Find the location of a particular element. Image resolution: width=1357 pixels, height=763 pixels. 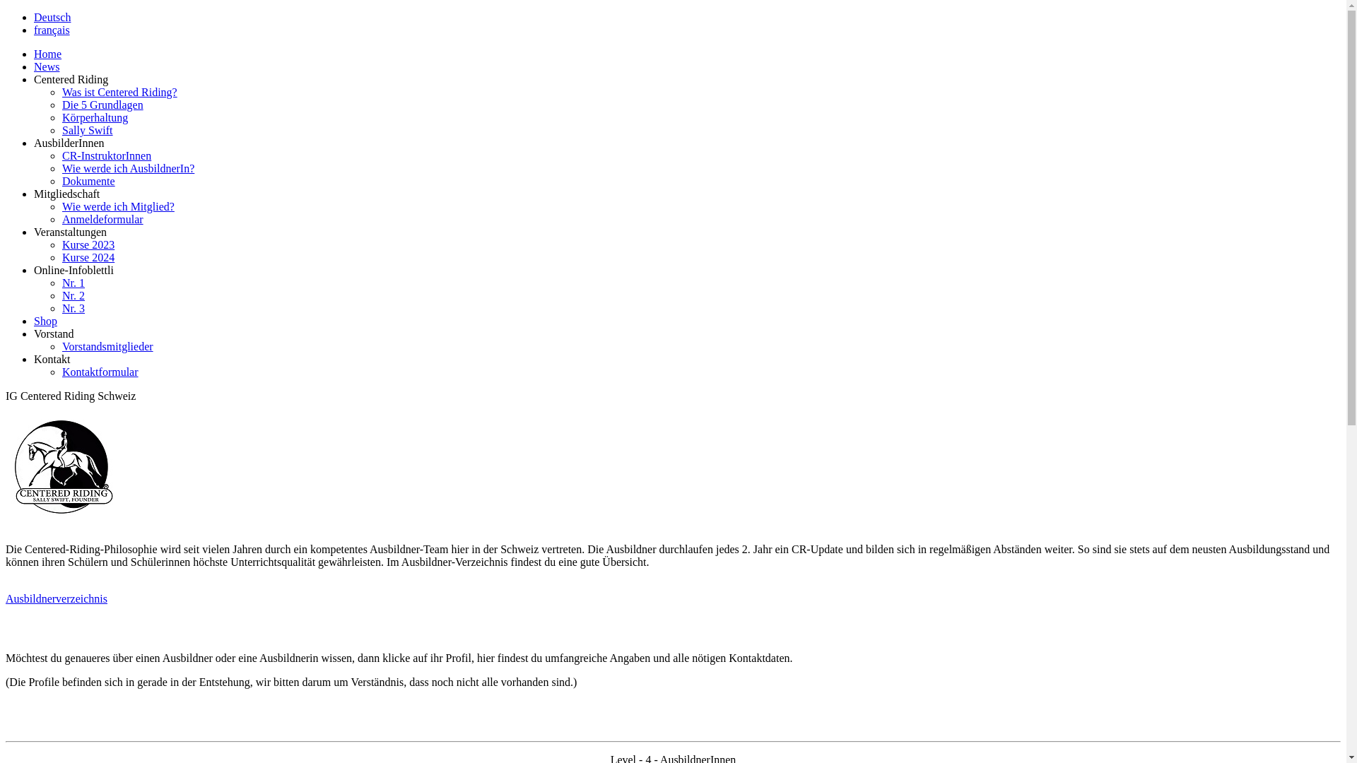

'Nr. 2' is located at coordinates (73, 295).